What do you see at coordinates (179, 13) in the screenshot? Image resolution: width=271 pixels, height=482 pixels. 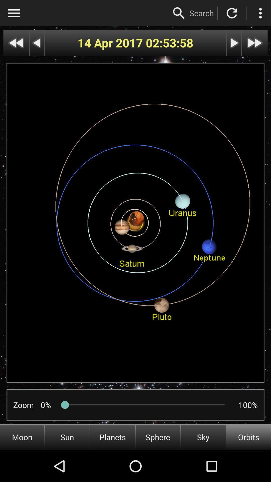 I see `item above 02:53:58 item` at bounding box center [179, 13].